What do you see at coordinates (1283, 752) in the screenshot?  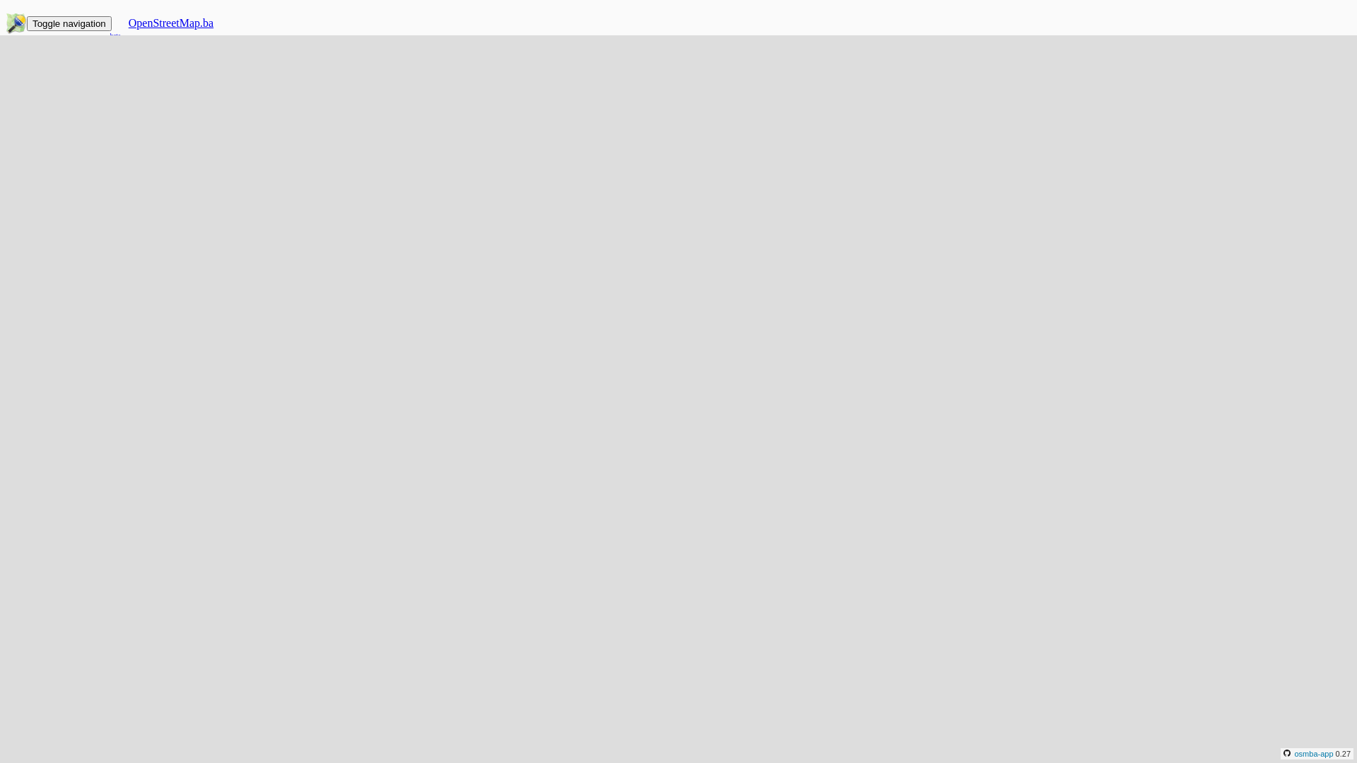 I see `'osmba-app'` at bounding box center [1283, 752].